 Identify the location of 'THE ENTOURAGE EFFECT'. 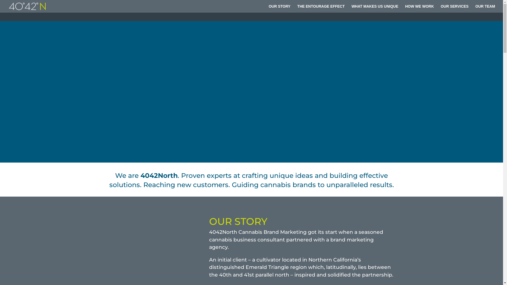
(321, 8).